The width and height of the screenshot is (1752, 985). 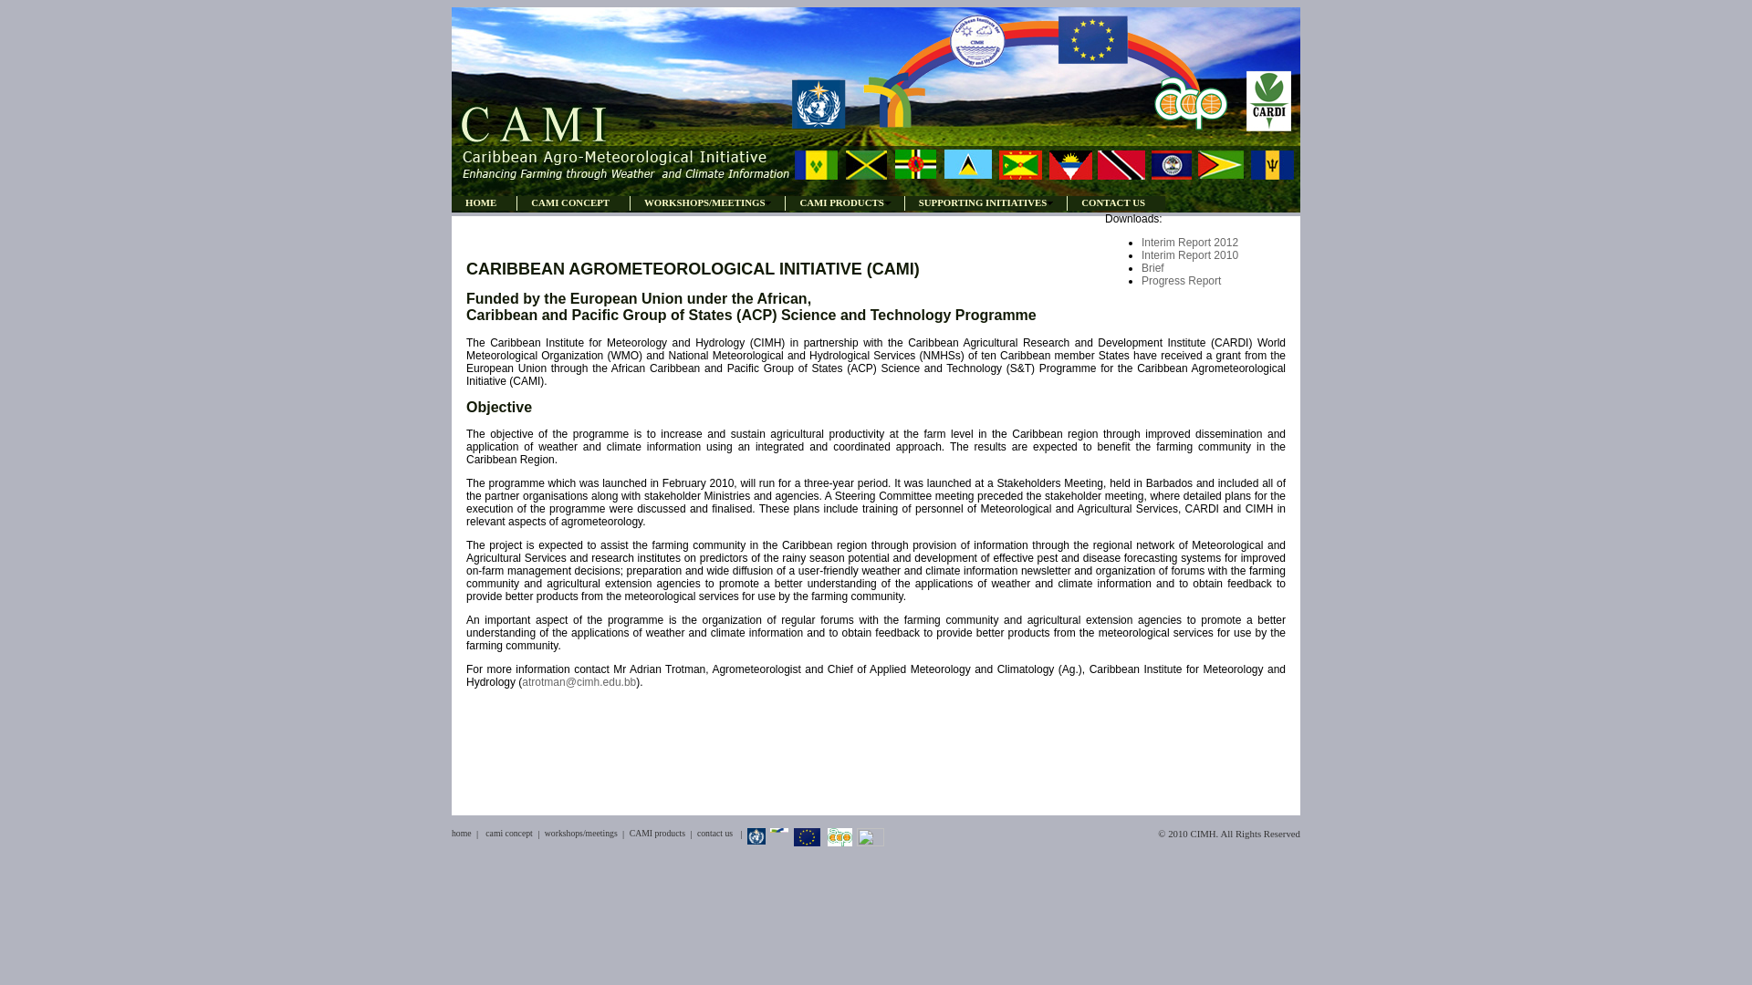 I want to click on 'Brief', so click(x=1152, y=267).